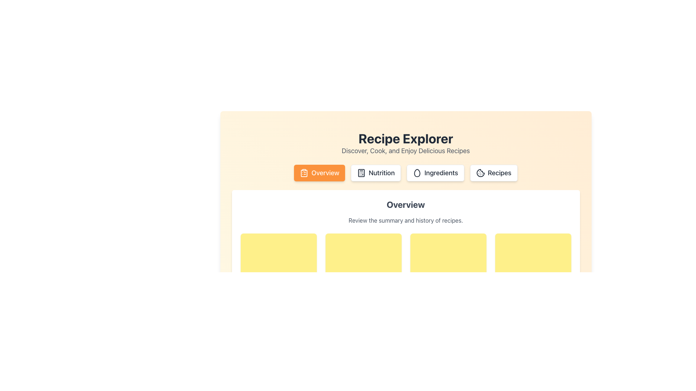 The height and width of the screenshot is (391, 696). What do you see at coordinates (376, 173) in the screenshot?
I see `the second navigation button for the 'Nutrition' section` at bounding box center [376, 173].